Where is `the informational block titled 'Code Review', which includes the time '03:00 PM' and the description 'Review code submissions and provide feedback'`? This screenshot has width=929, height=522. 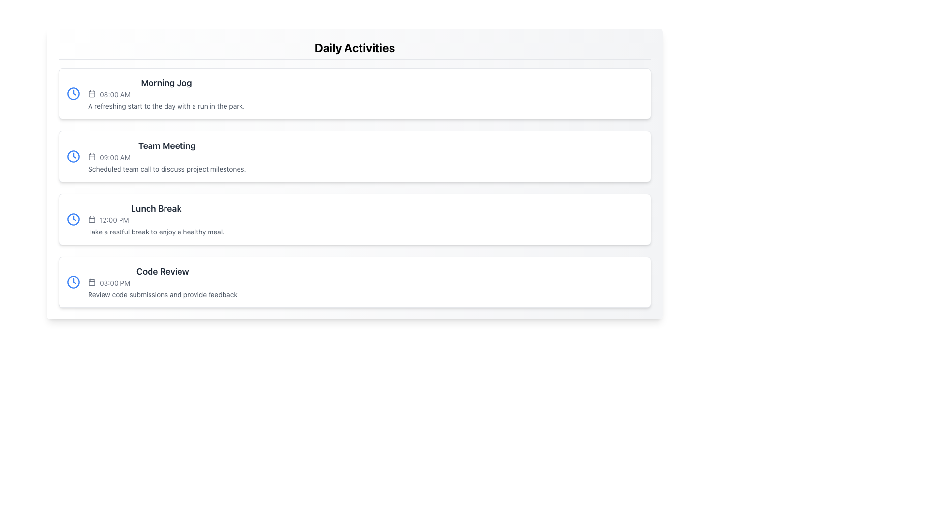 the informational block titled 'Code Review', which includes the time '03:00 PM' and the description 'Review code submissions and provide feedback' is located at coordinates (163, 282).